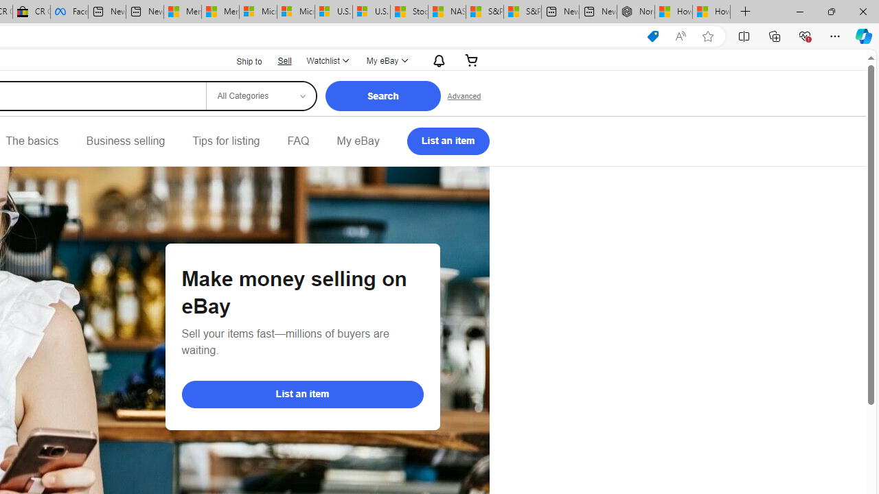  Describe the element at coordinates (126, 141) in the screenshot. I see `'Business selling'` at that location.